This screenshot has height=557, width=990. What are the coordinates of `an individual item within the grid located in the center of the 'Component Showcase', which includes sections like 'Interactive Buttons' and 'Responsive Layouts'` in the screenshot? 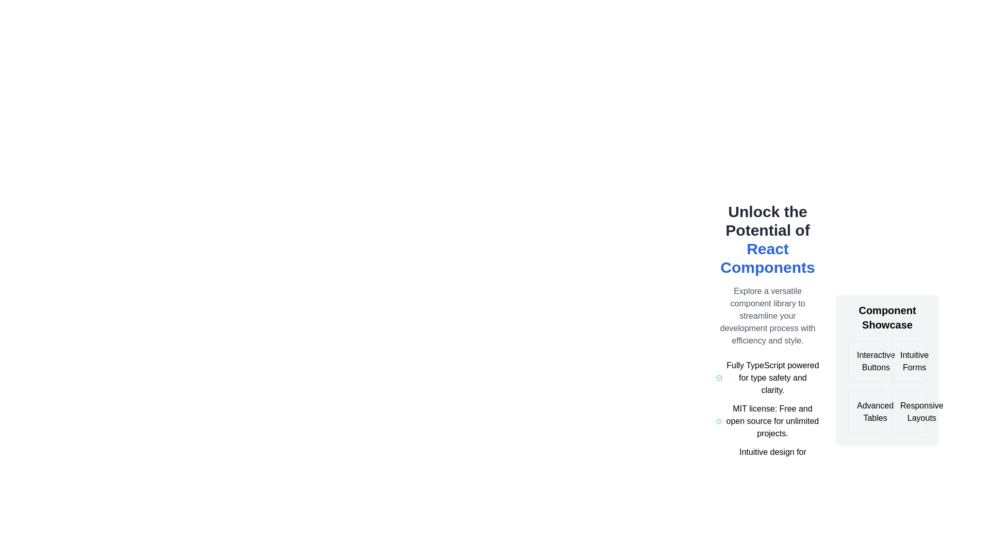 It's located at (887, 386).